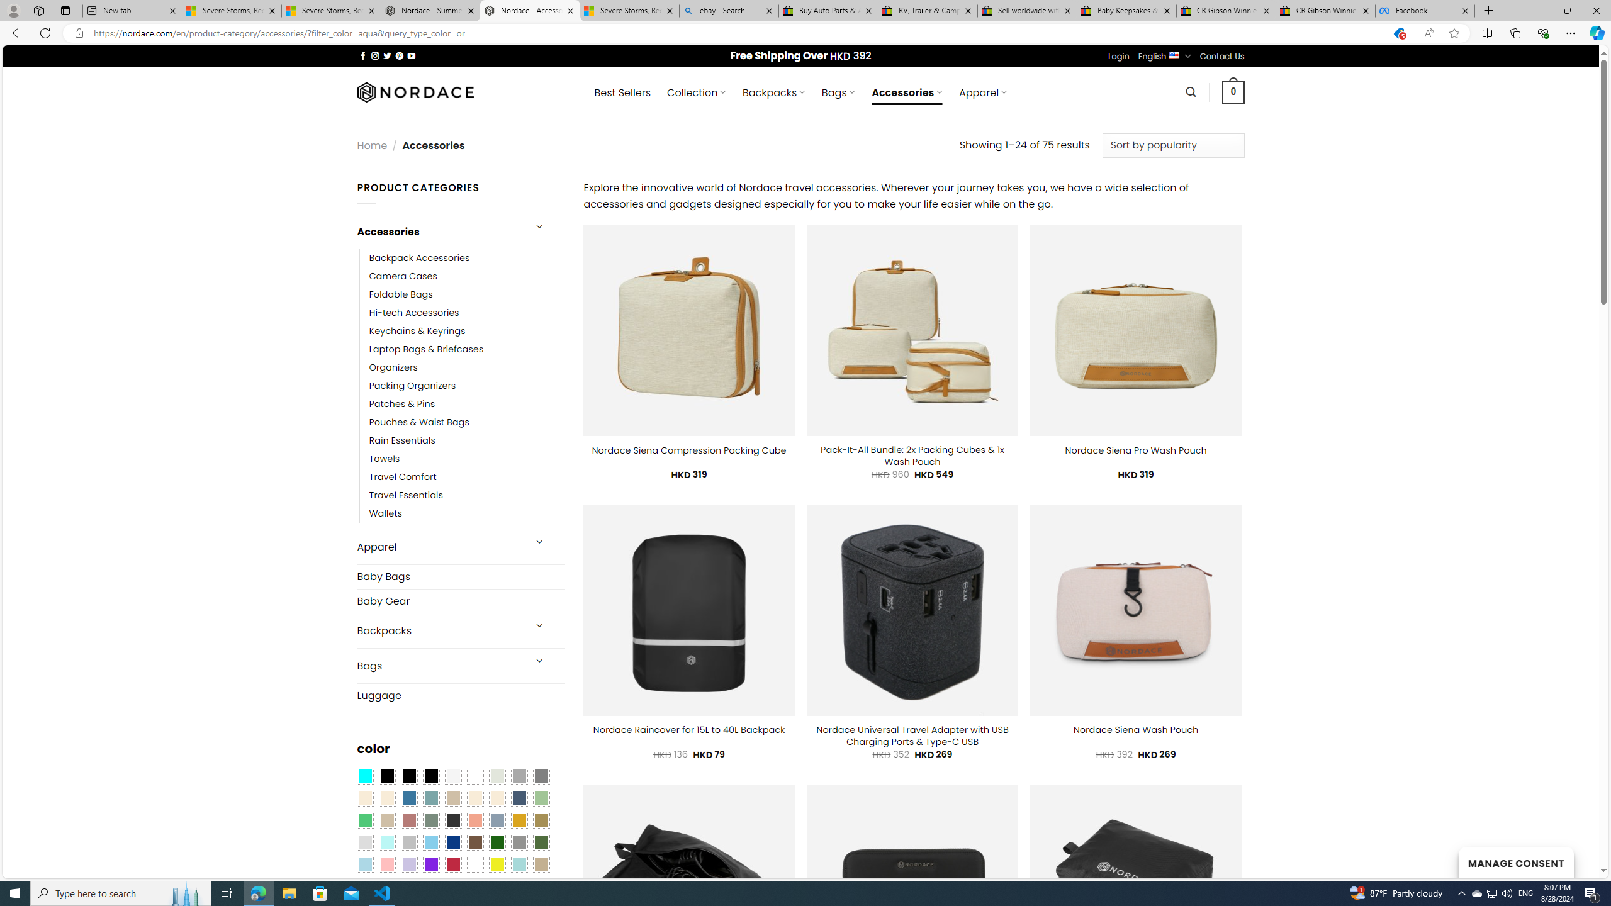  What do you see at coordinates (392, 368) in the screenshot?
I see `'Organizers'` at bounding box center [392, 368].